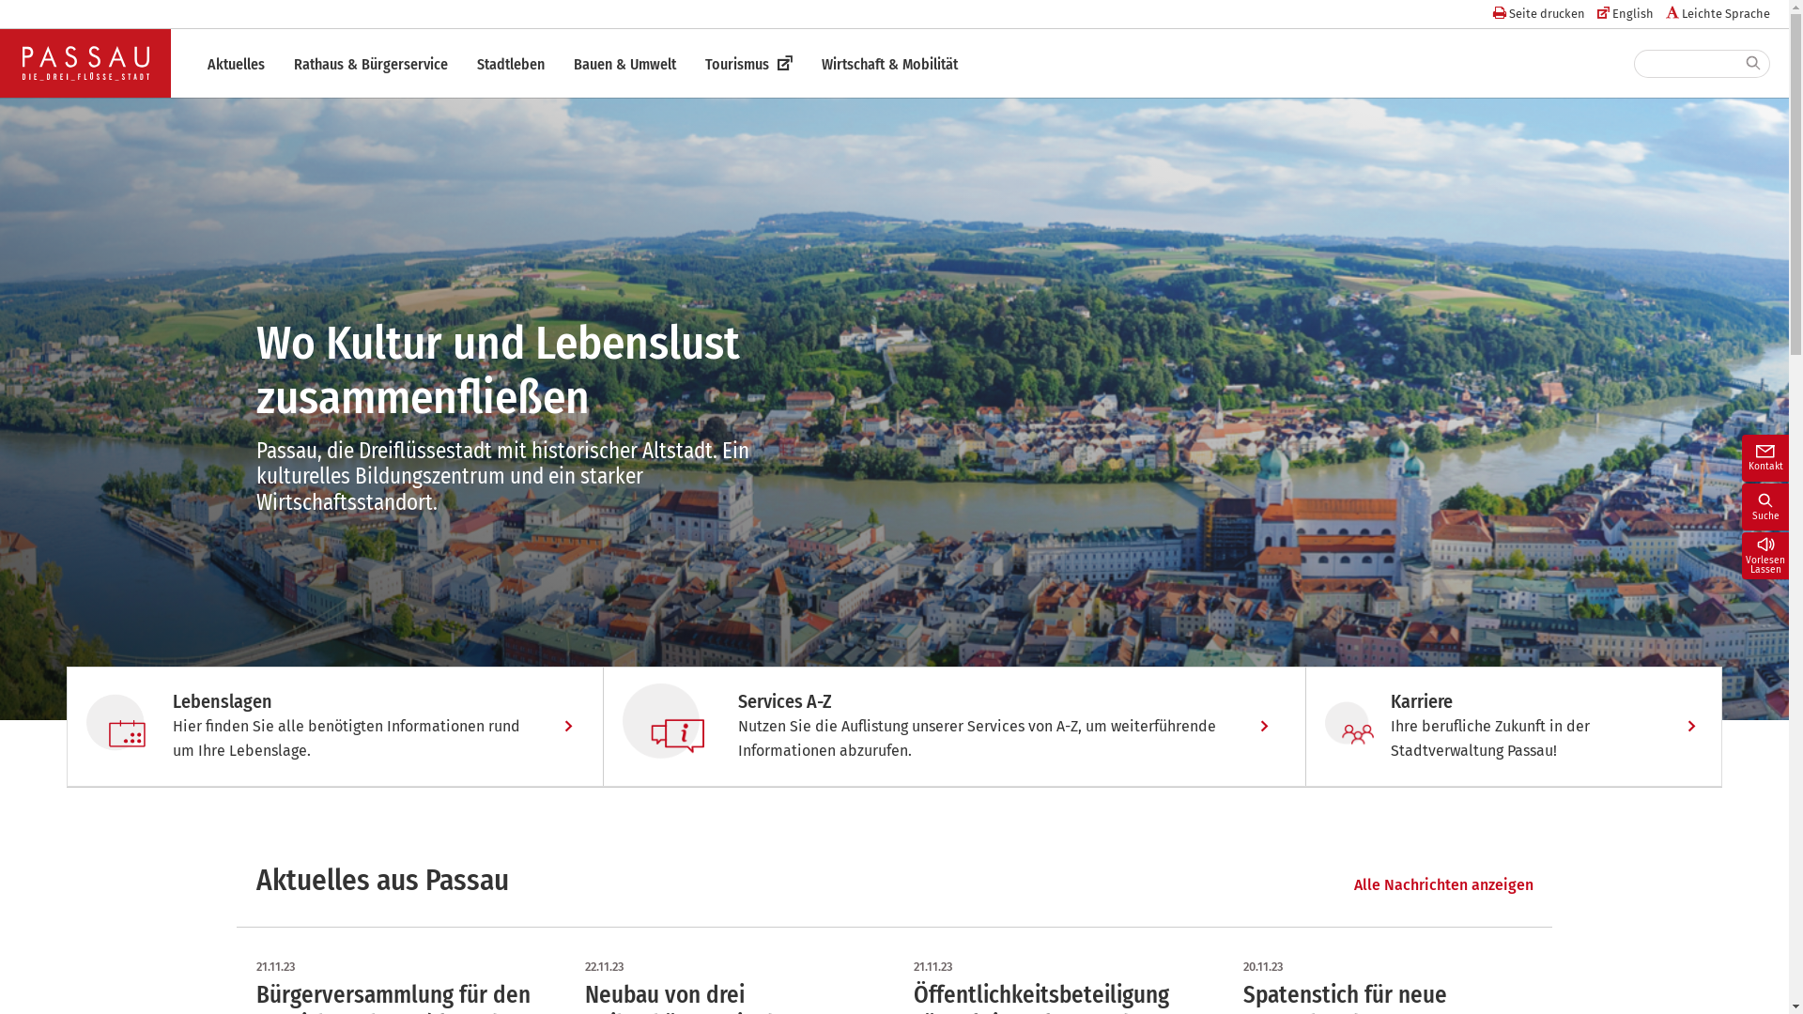  Describe the element at coordinates (1718, 13) in the screenshot. I see `'Leichte Sprache'` at that location.